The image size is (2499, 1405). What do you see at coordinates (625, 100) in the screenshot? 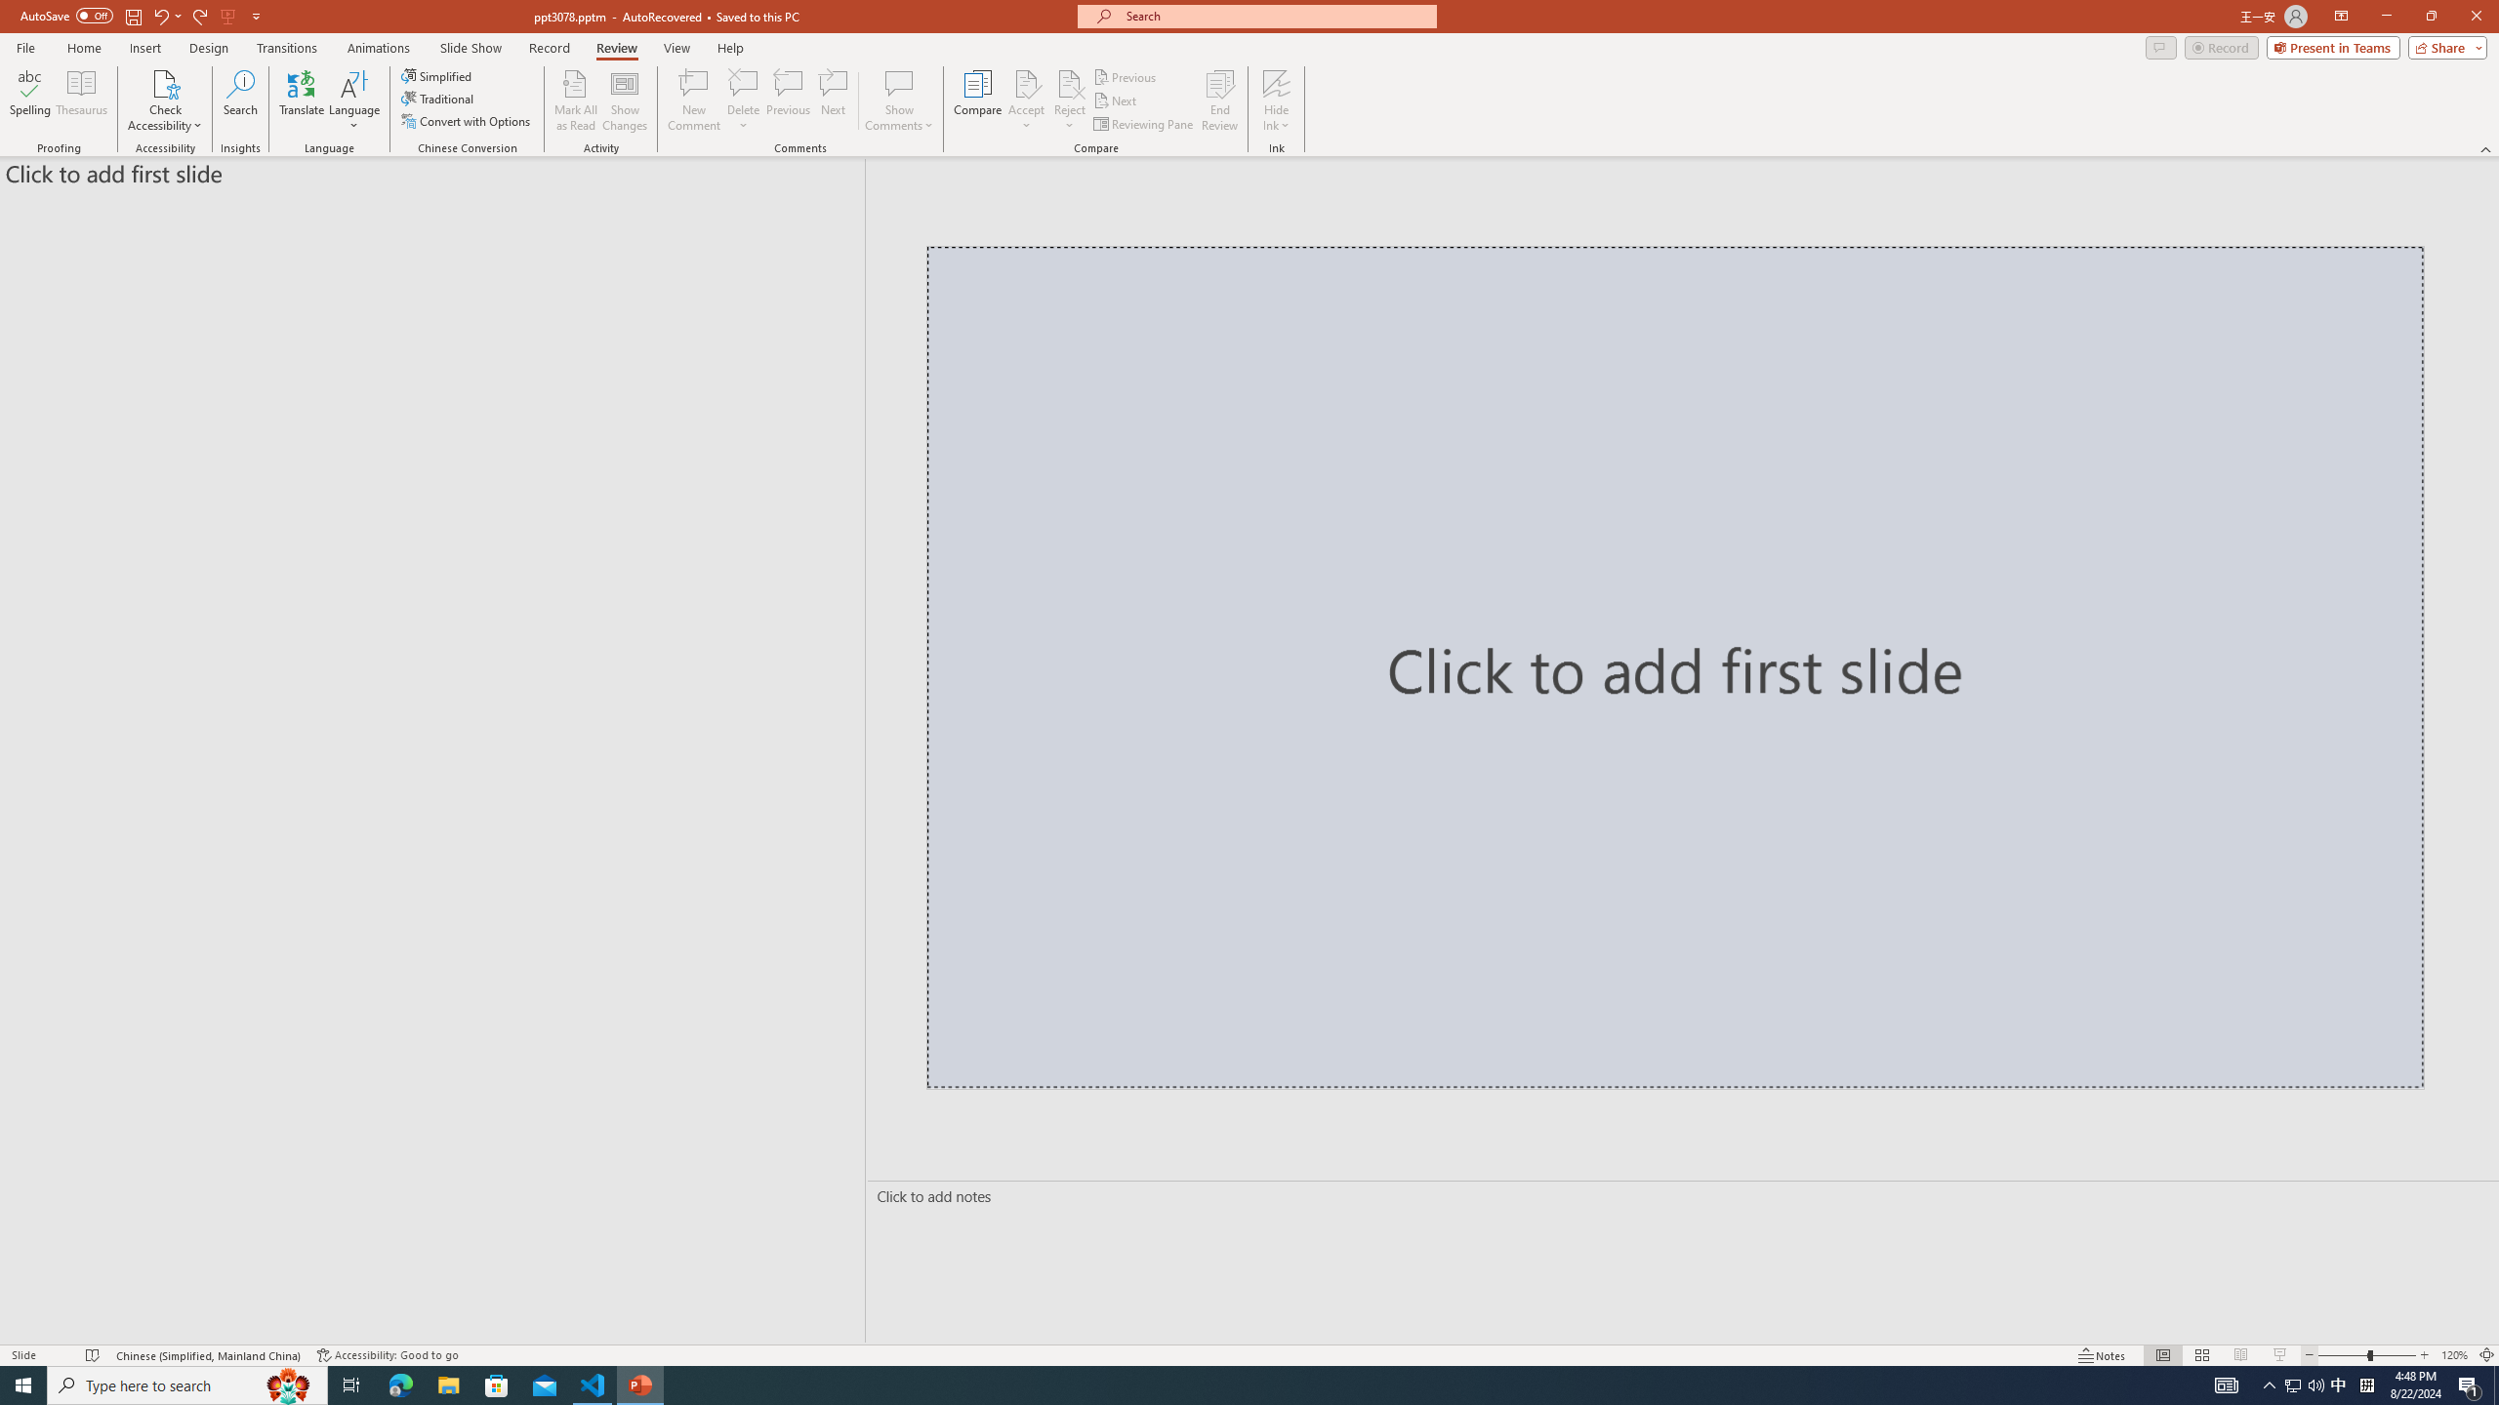
I see `'Show Changes'` at bounding box center [625, 100].